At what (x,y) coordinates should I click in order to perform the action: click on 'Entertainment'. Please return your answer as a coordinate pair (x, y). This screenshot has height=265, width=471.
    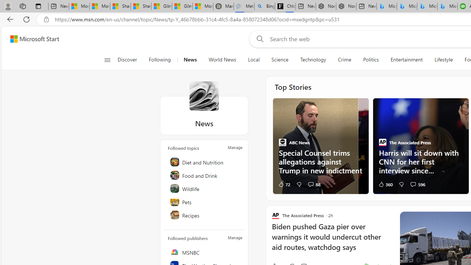
    Looking at the image, I should click on (406, 60).